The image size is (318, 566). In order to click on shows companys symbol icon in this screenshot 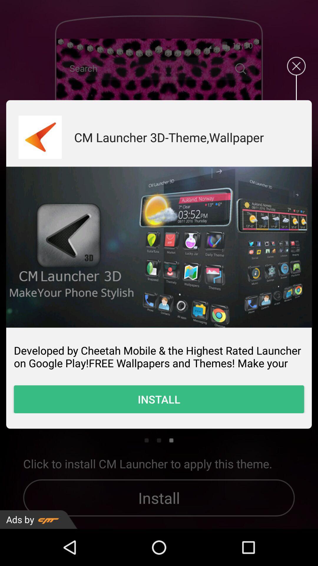, I will do `click(40, 137)`.